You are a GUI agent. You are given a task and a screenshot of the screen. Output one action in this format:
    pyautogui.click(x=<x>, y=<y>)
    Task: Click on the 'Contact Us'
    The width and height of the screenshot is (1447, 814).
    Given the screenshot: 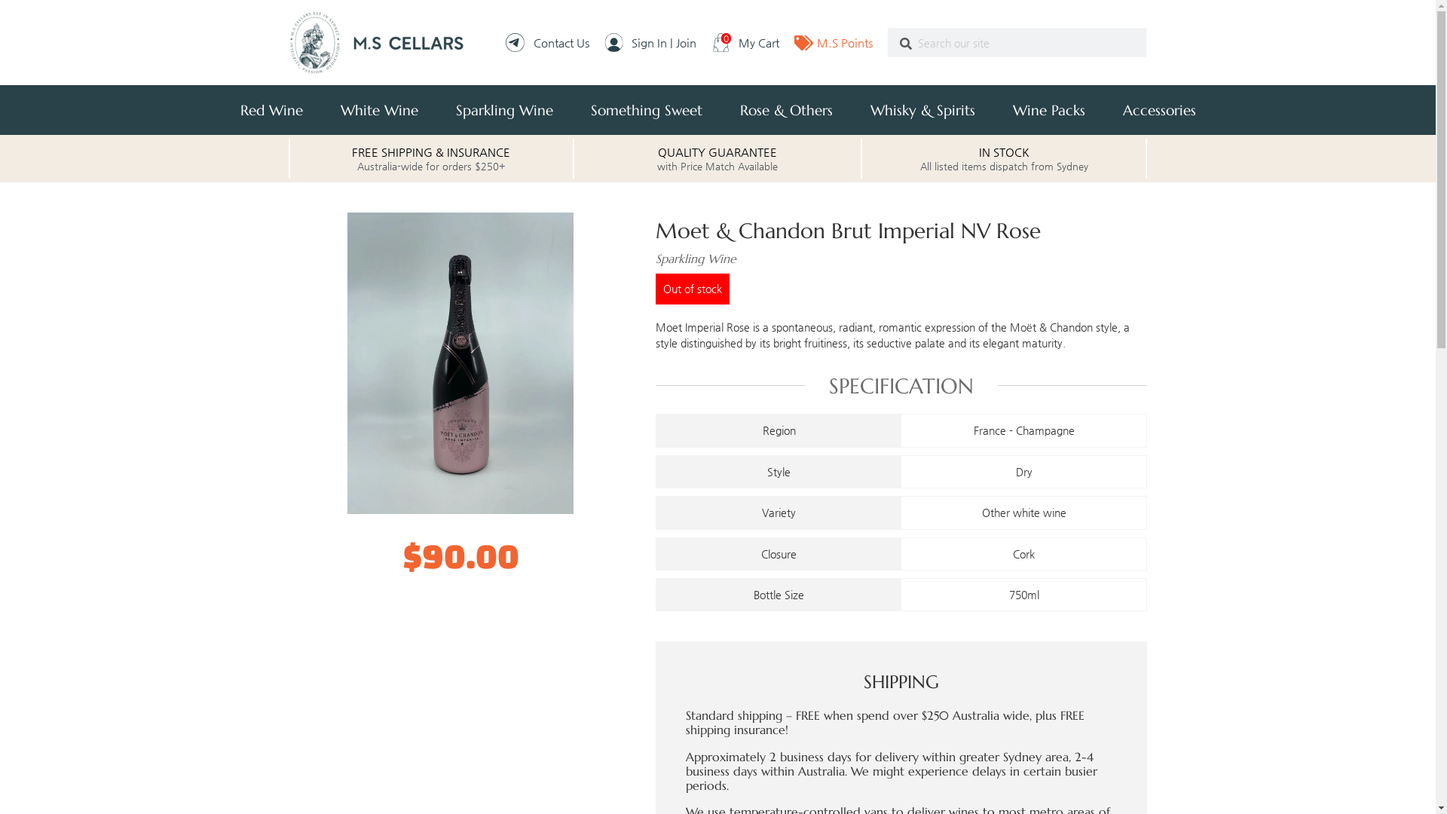 What is the action you would take?
    pyautogui.click(x=546, y=41)
    